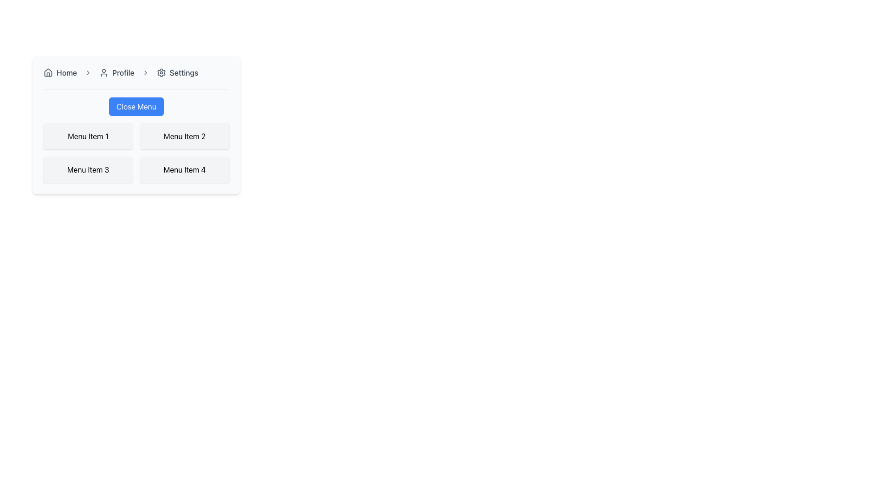 The image size is (891, 501). Describe the element at coordinates (145, 72) in the screenshot. I see `the third chevron icon in the breadcrumb navigation bar, which indicates progression between 'Profile' and 'Settings'` at that location.